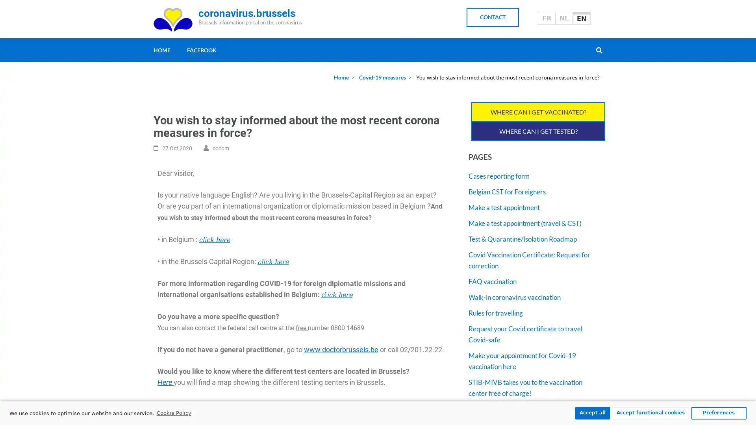  I want to click on Accept all, so click(592, 412).